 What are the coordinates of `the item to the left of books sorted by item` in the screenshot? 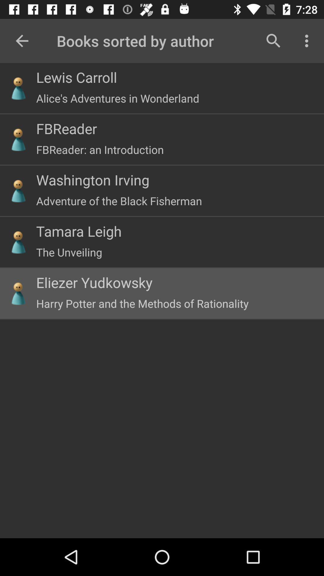 It's located at (22, 40).